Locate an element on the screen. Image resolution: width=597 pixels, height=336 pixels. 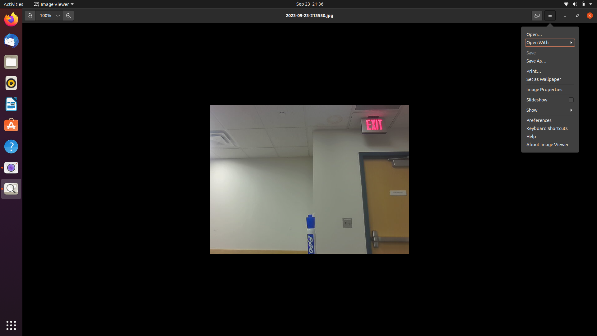
Zoom in the image once is located at coordinates (68, 15).